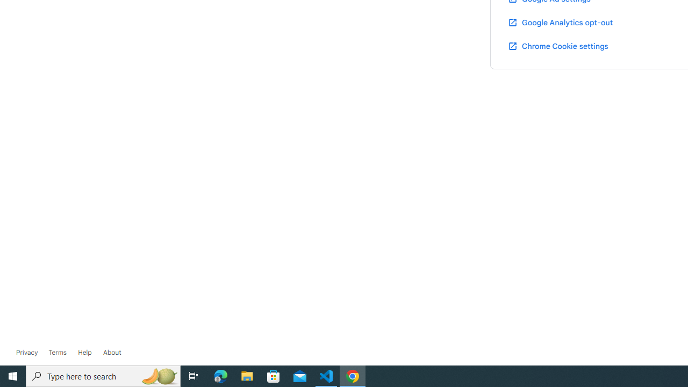 The height and width of the screenshot is (387, 688). Describe the element at coordinates (558, 45) in the screenshot. I see `'Chrome Cookie settings'` at that location.